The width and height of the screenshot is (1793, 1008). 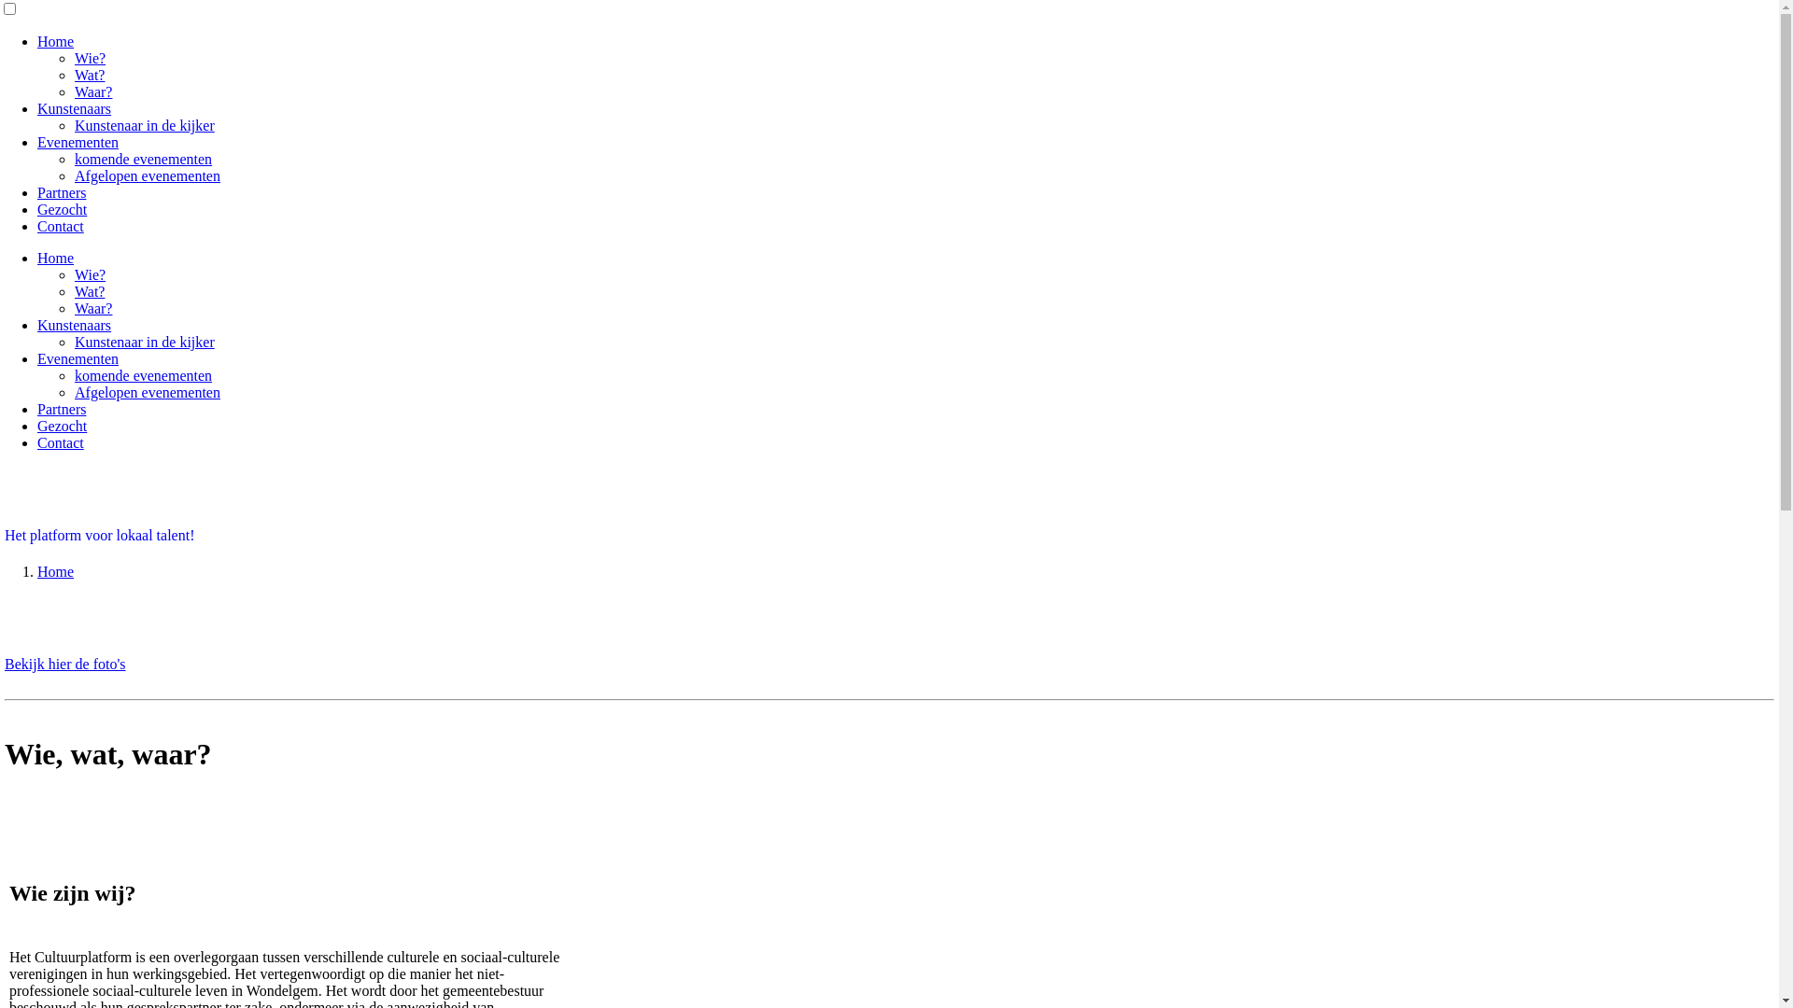 What do you see at coordinates (143, 342) in the screenshot?
I see `'Kunstenaar in de kijker'` at bounding box center [143, 342].